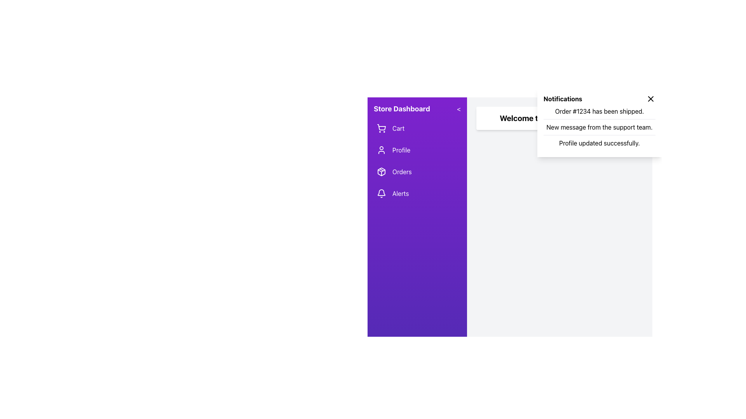 The image size is (746, 419). What do you see at coordinates (459, 109) in the screenshot?
I see `the navigation arrow icon located` at bounding box center [459, 109].